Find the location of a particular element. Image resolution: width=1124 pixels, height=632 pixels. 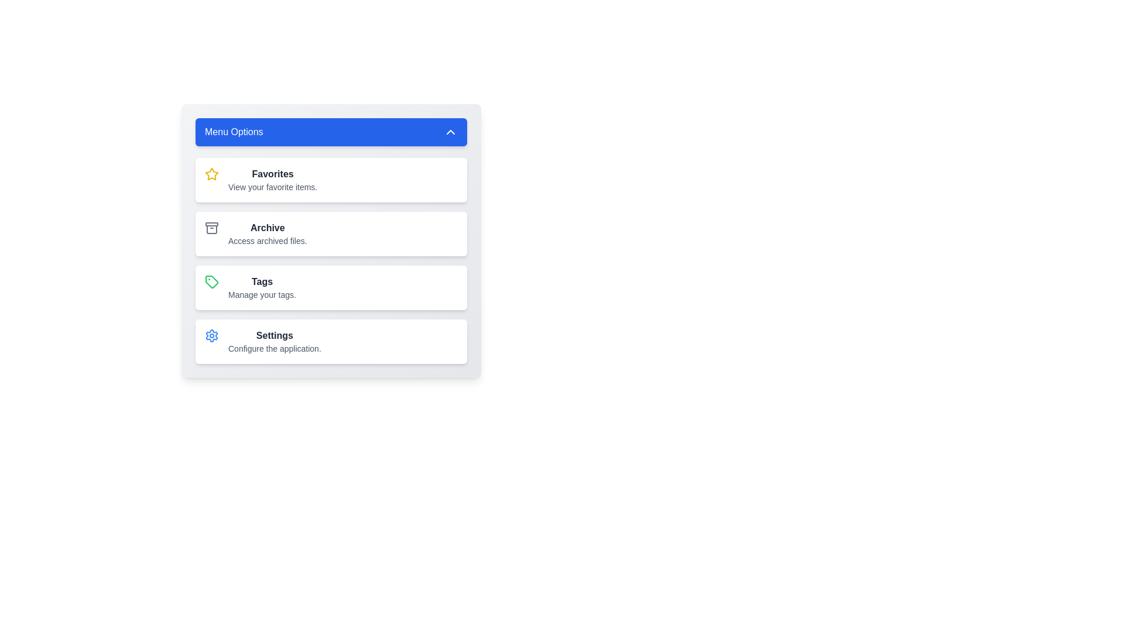

text within the 'Tags' descriptor element, which includes a bold label 'Tags' and a subtitle 'Manage your tags.' is located at coordinates (261, 288).